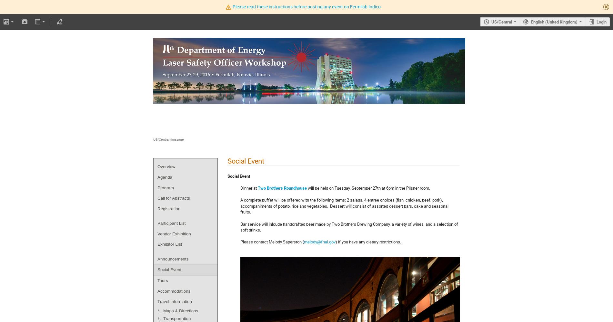 This screenshot has width=613, height=322. What do you see at coordinates (174, 233) in the screenshot?
I see `'Vendor Exhibition'` at bounding box center [174, 233].